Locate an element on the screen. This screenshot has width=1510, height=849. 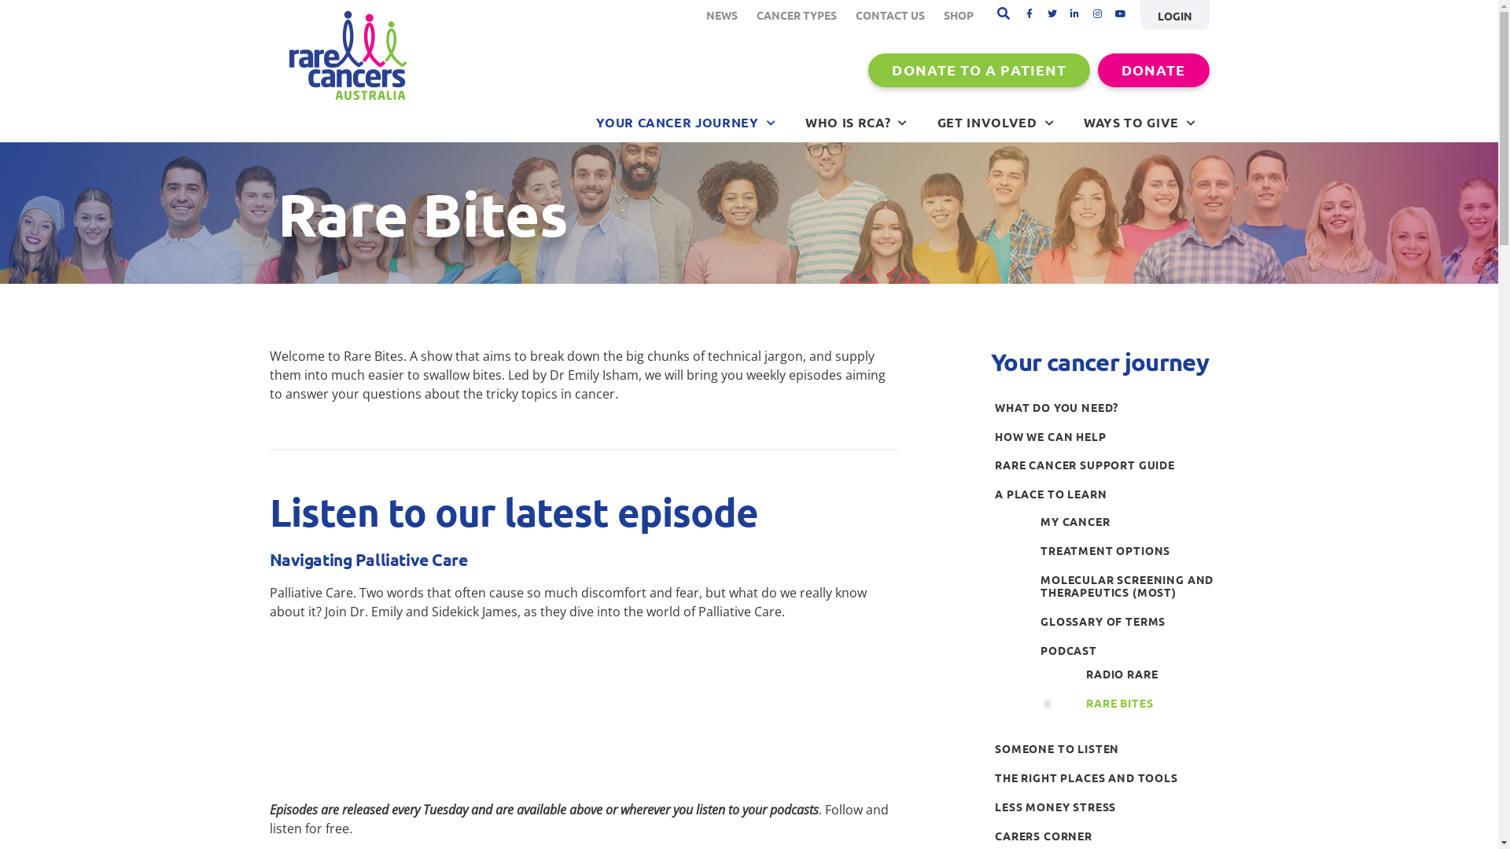
'CONTACT US' is located at coordinates (890, 15).